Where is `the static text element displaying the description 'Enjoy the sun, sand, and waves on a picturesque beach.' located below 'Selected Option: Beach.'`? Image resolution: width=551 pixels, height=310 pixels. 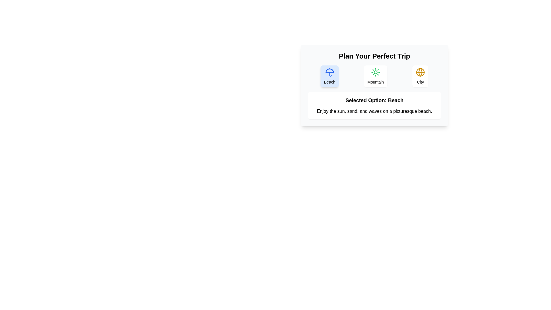 the static text element displaying the description 'Enjoy the sun, sand, and waves on a picturesque beach.' located below 'Selected Option: Beach.' is located at coordinates (375, 111).